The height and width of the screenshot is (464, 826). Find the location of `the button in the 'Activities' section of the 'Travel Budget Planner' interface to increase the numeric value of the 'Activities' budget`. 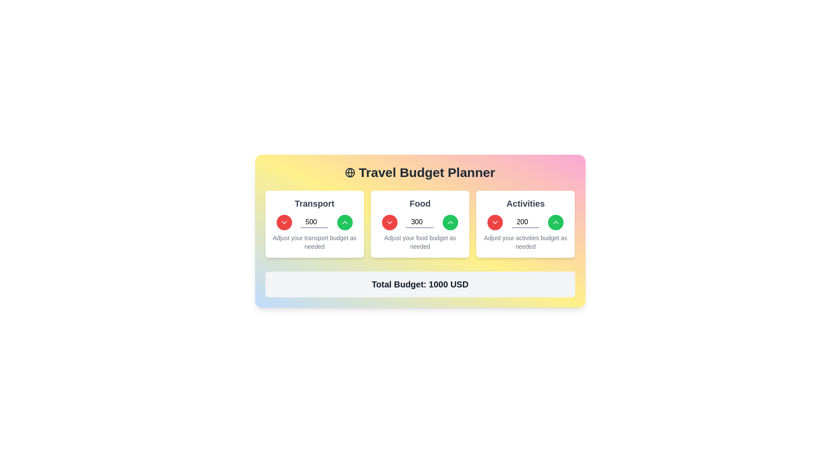

the button in the 'Activities' section of the 'Travel Budget Planner' interface to increase the numeric value of the 'Activities' budget is located at coordinates (556, 222).